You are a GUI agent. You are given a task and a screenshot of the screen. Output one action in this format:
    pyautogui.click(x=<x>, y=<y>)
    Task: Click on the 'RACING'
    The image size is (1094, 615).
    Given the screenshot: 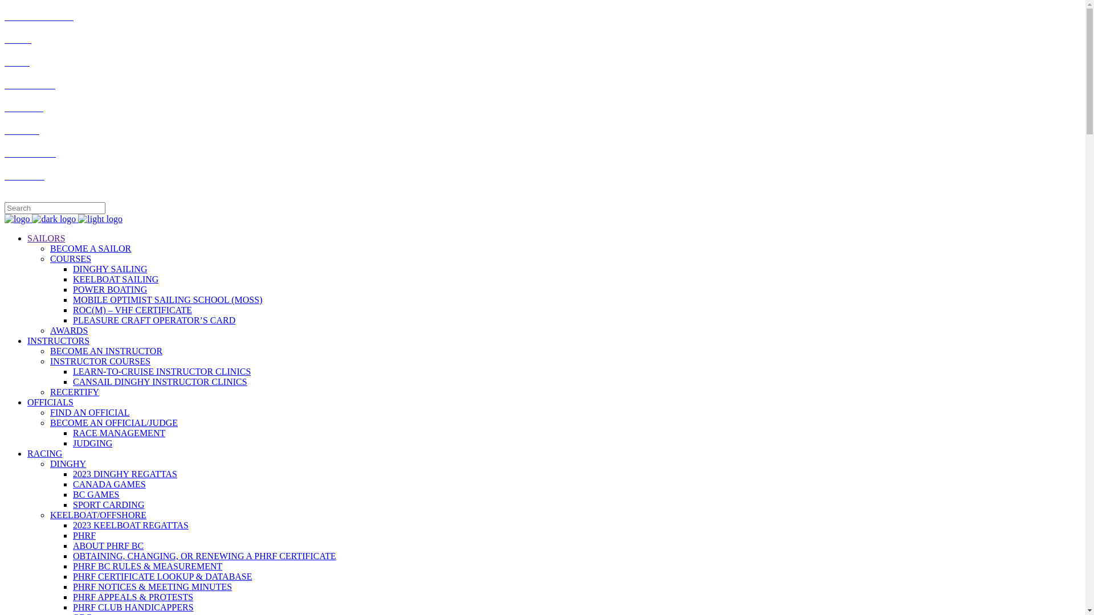 What is the action you would take?
    pyautogui.click(x=44, y=453)
    